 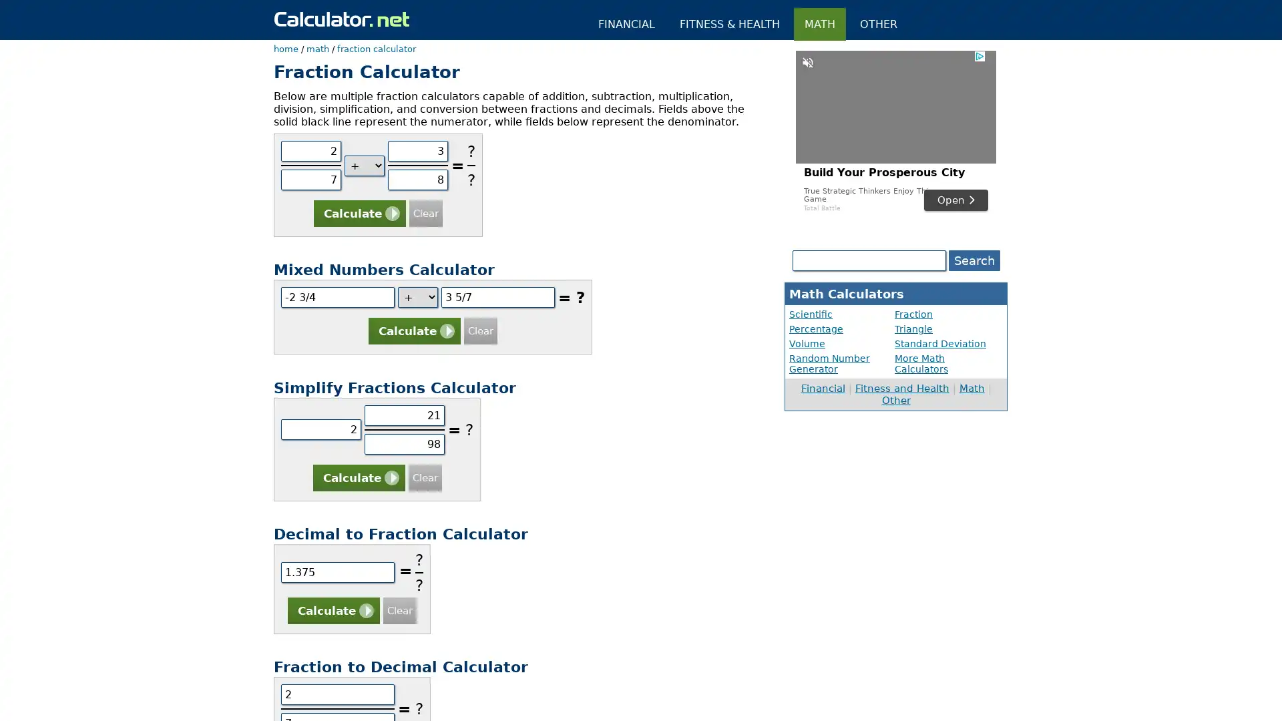 I want to click on Calculate, so click(x=359, y=213).